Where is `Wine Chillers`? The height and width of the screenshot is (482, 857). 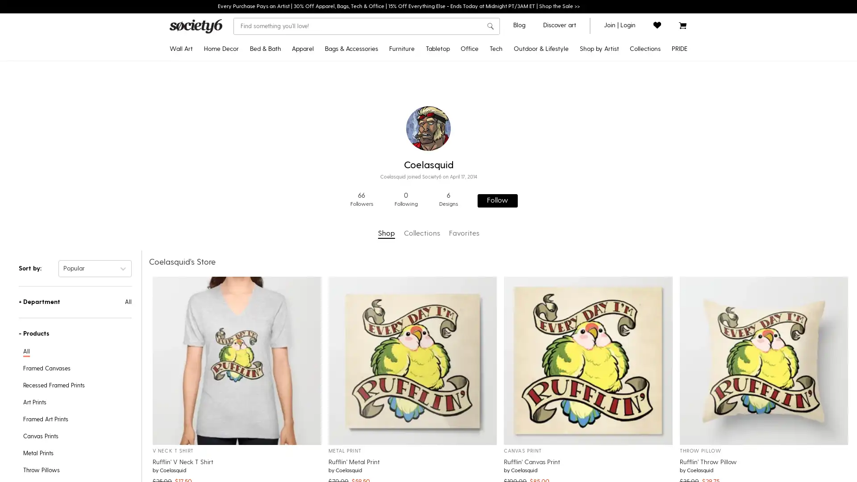 Wine Chillers is located at coordinates (454, 172).